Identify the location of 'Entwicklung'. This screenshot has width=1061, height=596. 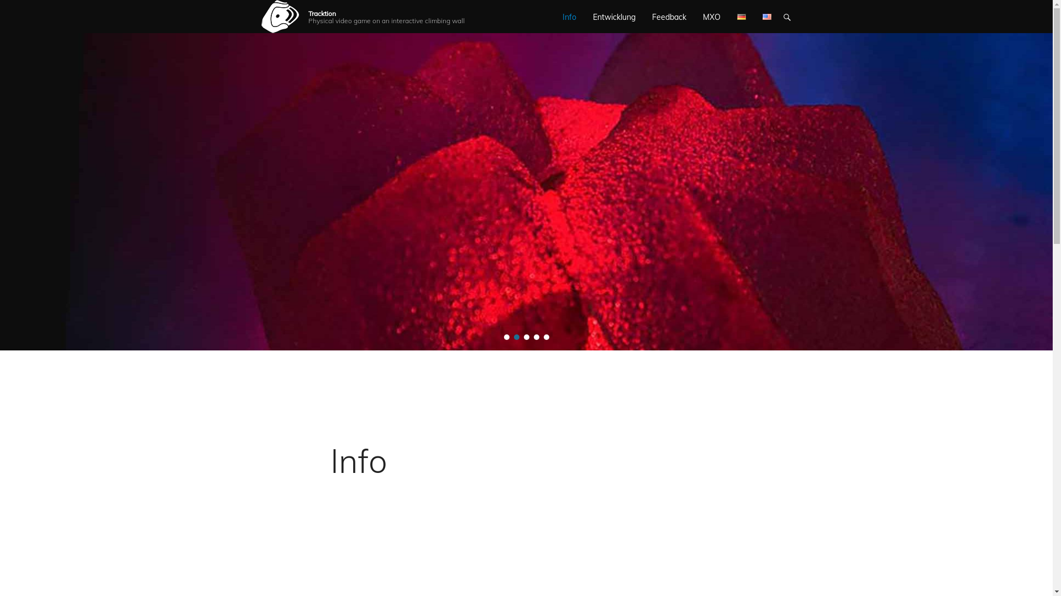
(613, 16).